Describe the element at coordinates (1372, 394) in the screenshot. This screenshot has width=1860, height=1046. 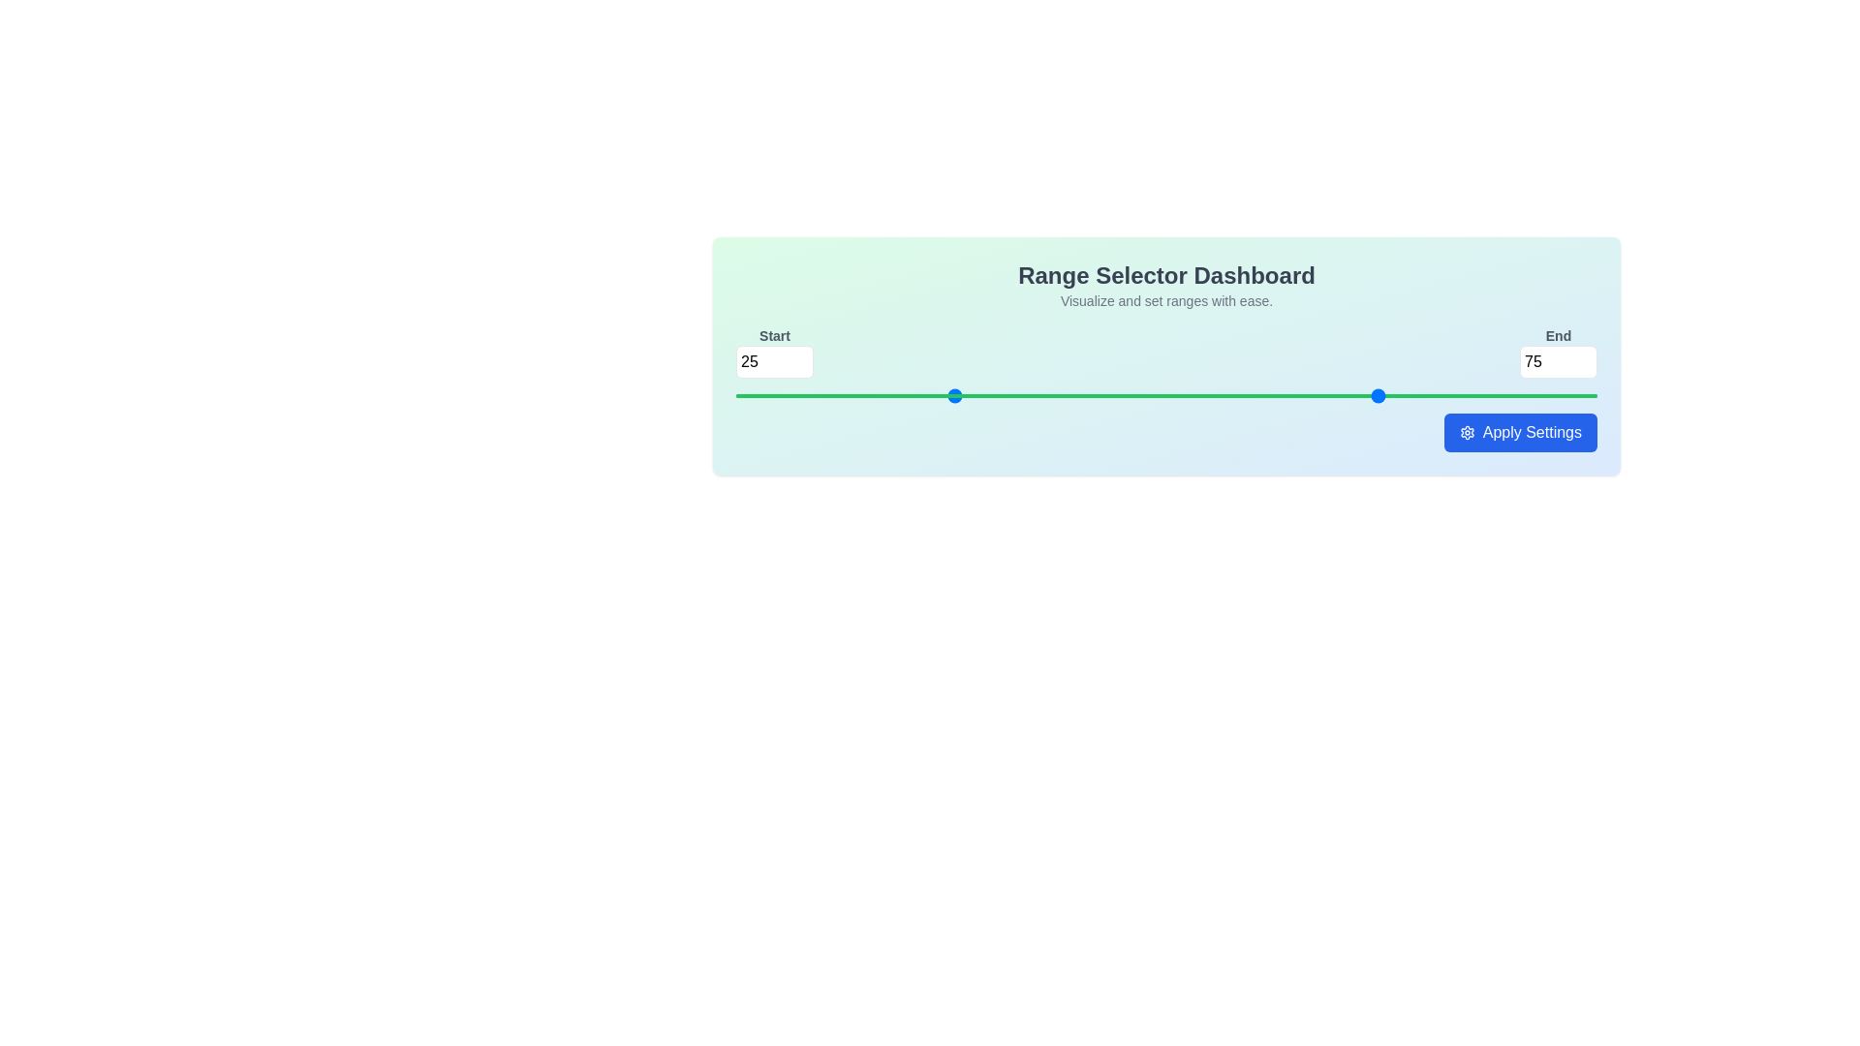
I see `the slider` at that location.